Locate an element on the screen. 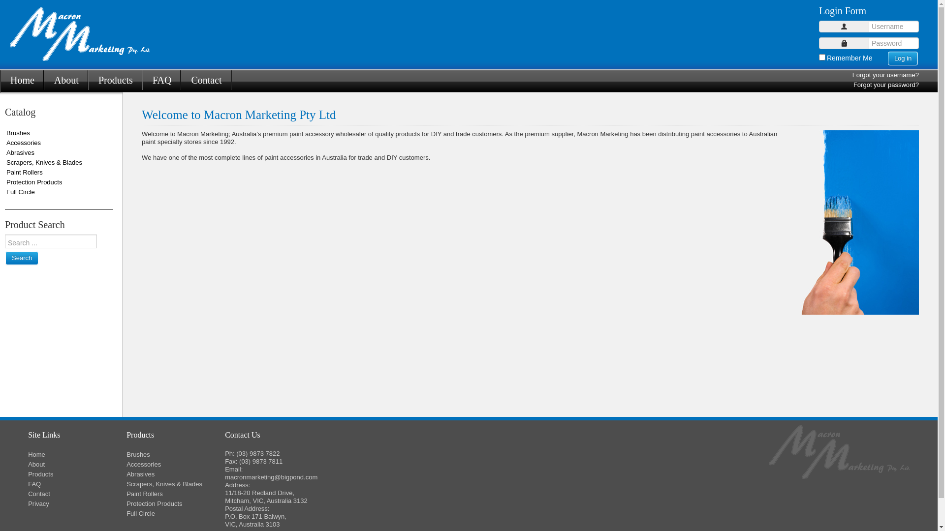 The width and height of the screenshot is (945, 531). 'Forgot your username?' is located at coordinates (852, 74).